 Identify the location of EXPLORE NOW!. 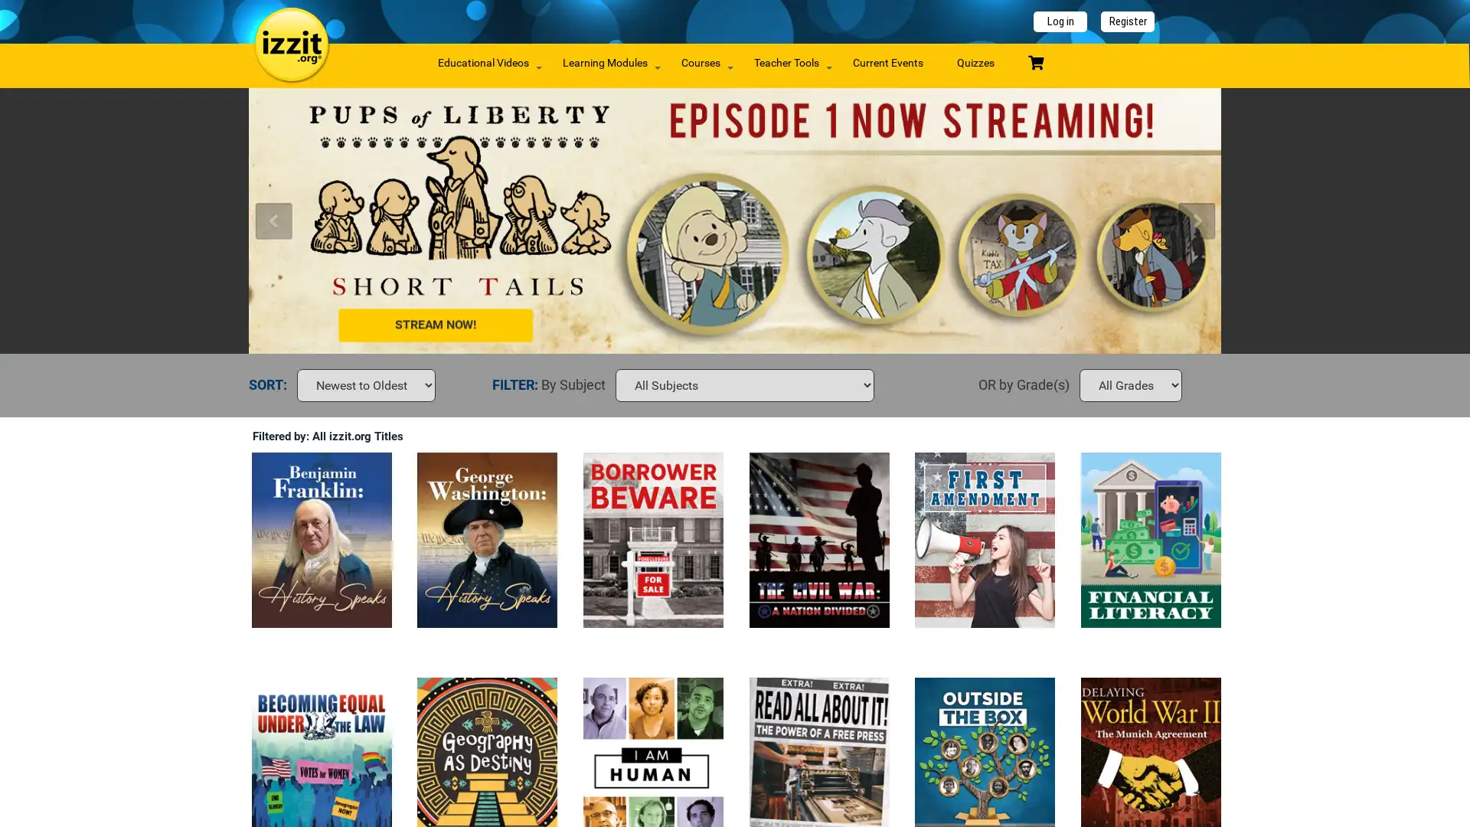
(461, 215).